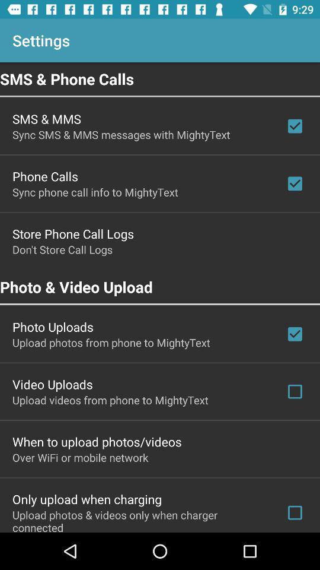  What do you see at coordinates (294, 512) in the screenshot?
I see `the check box which is to the immediate right of only upload when charging` at bounding box center [294, 512].